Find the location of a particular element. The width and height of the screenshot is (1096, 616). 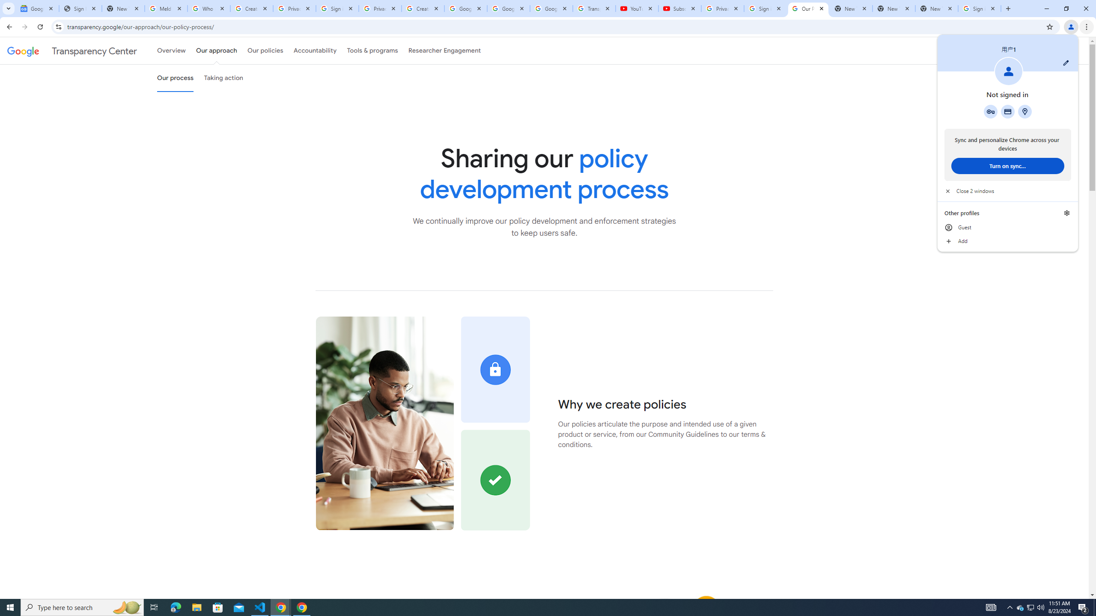

'Start' is located at coordinates (10, 607).